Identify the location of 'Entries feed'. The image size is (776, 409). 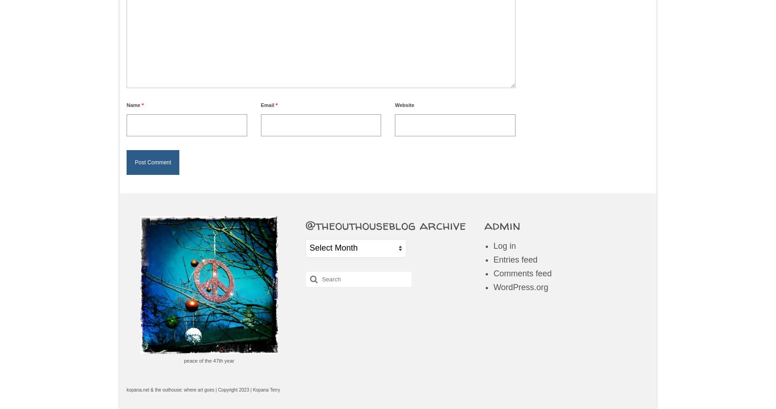
(515, 259).